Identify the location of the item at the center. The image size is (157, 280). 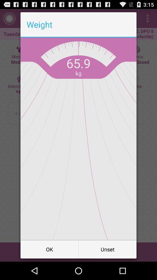
(78, 139).